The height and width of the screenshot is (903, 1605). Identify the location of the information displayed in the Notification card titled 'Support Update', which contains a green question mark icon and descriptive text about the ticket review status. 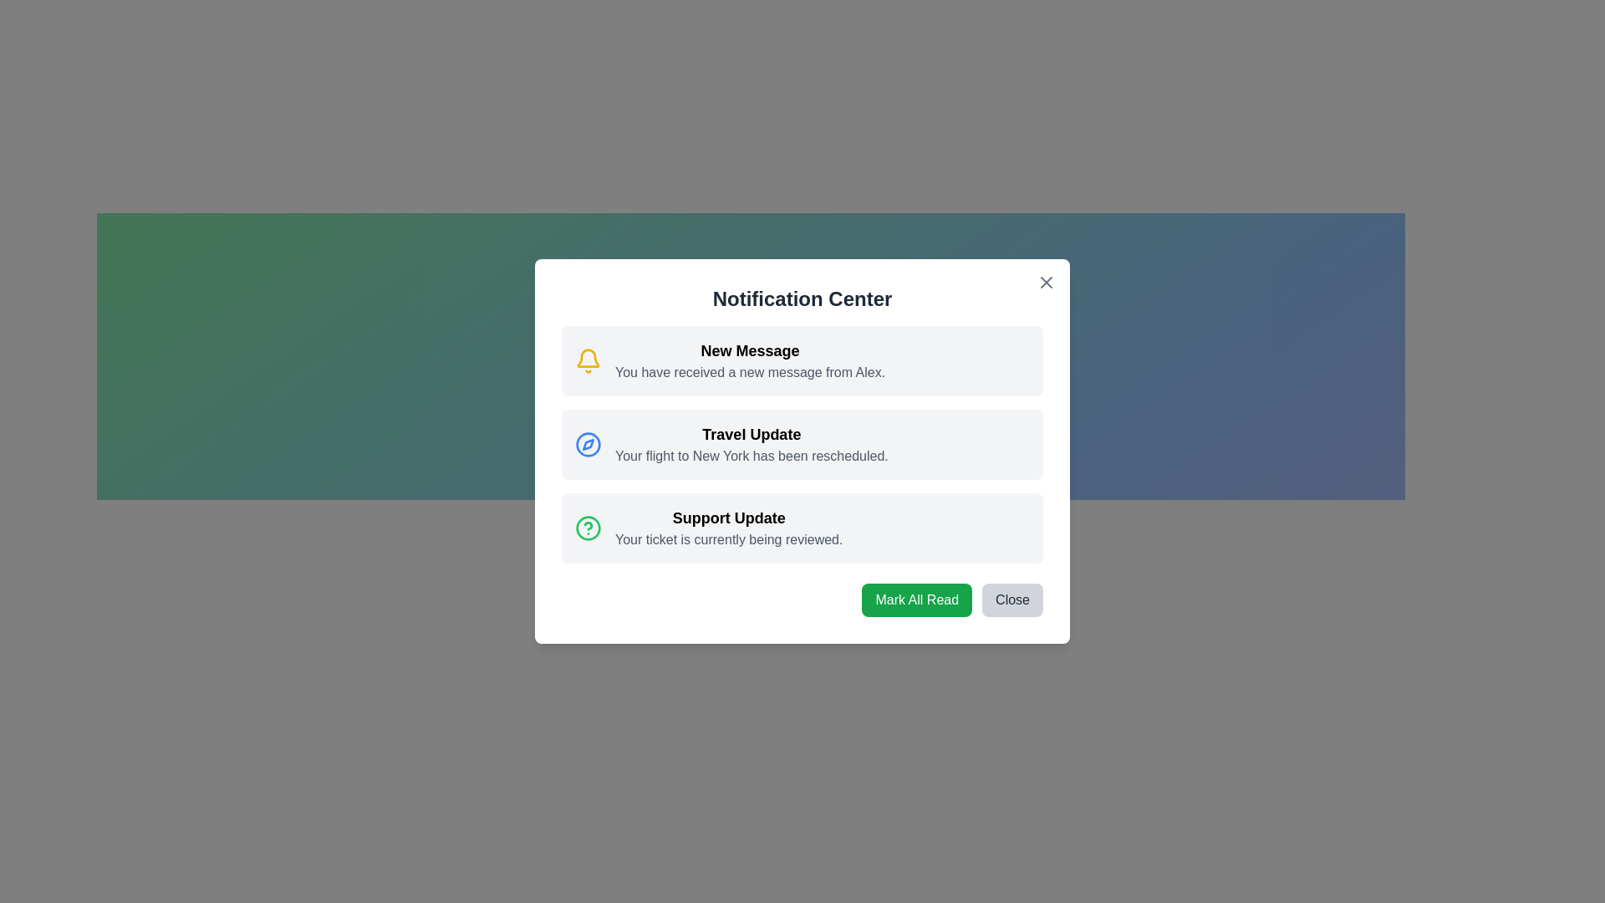
(802, 528).